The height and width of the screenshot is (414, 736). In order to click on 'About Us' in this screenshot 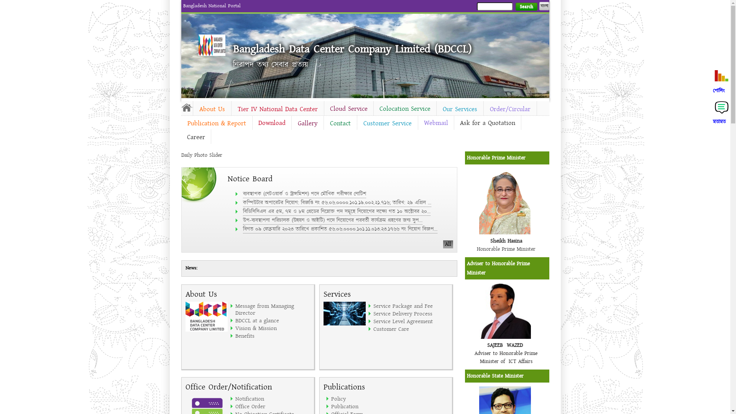, I will do `click(212, 109)`.